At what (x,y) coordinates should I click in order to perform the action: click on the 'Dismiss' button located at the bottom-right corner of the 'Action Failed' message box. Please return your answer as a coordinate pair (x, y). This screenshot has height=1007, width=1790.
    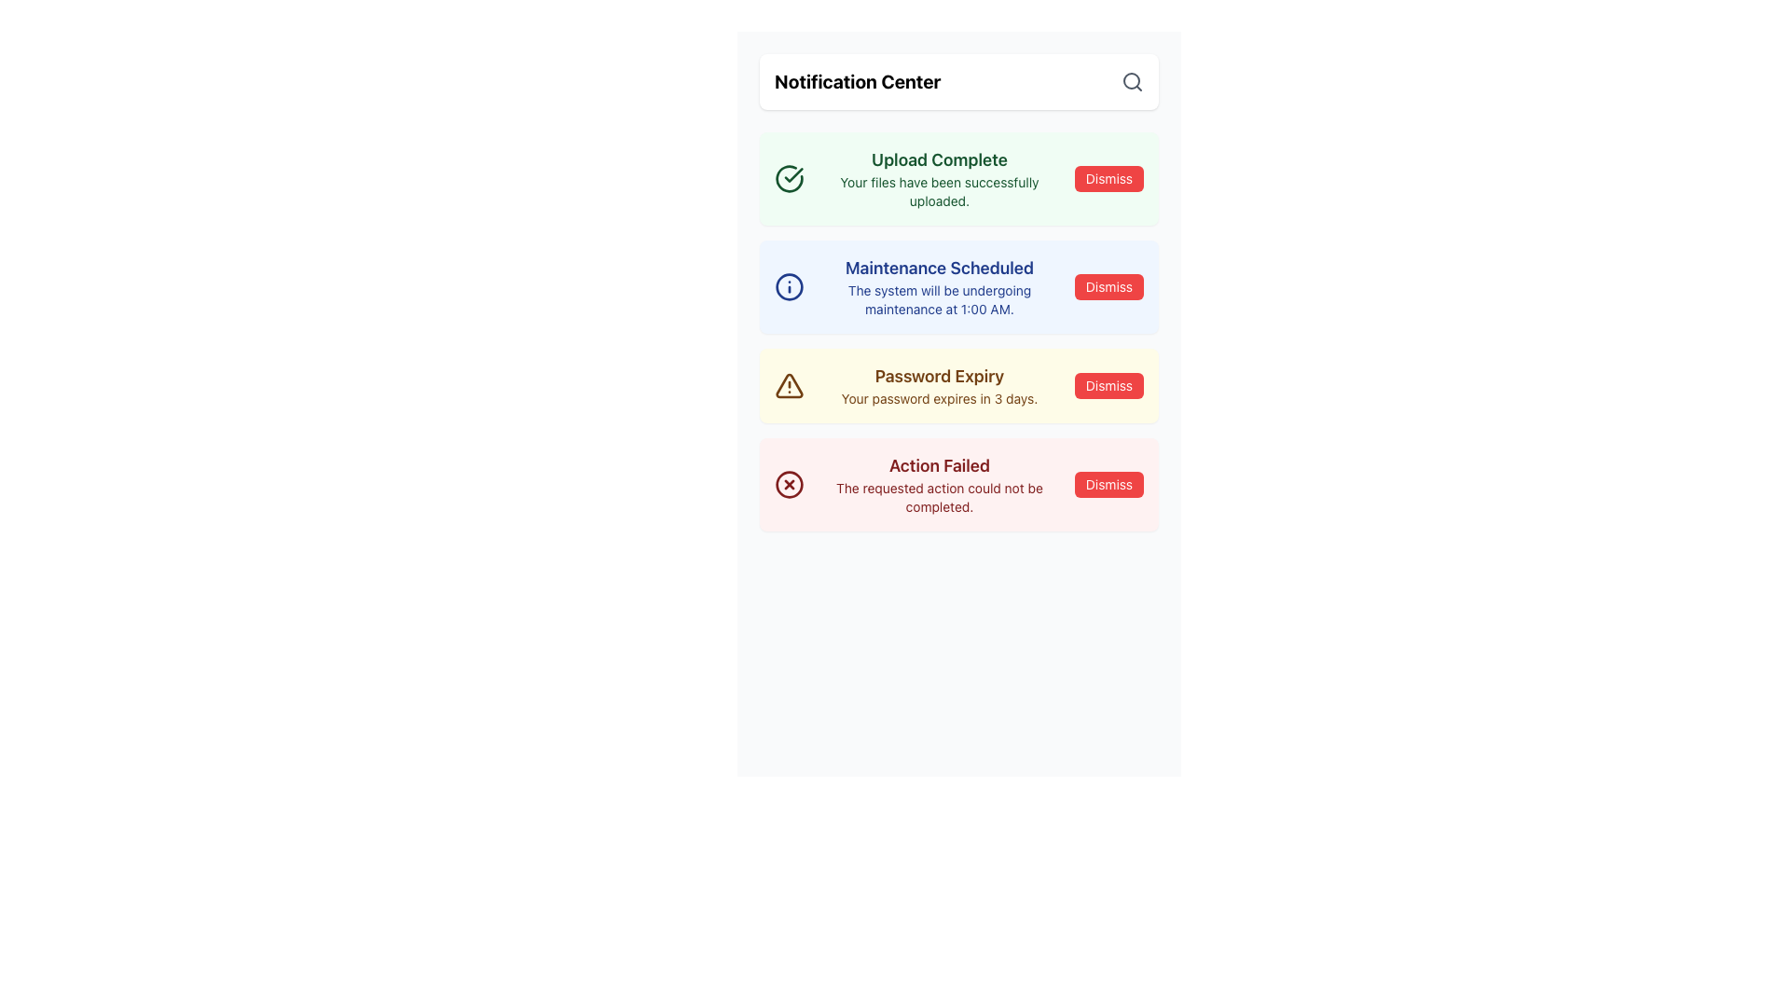
    Looking at the image, I should click on (1109, 484).